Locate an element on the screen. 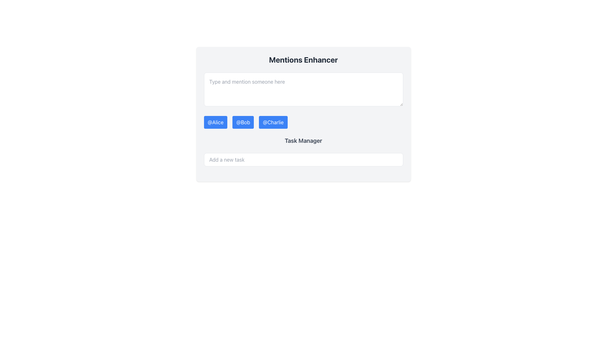 This screenshot has height=345, width=613. the blue button labeled '@Charlie' to mention the user is located at coordinates (273, 122).